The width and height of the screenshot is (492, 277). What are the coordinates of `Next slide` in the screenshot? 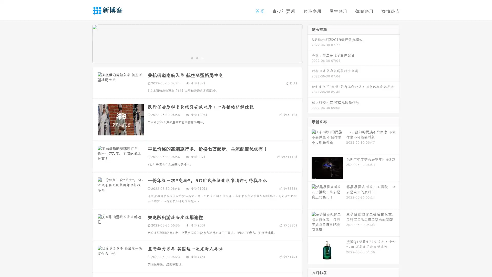 It's located at (310, 43).